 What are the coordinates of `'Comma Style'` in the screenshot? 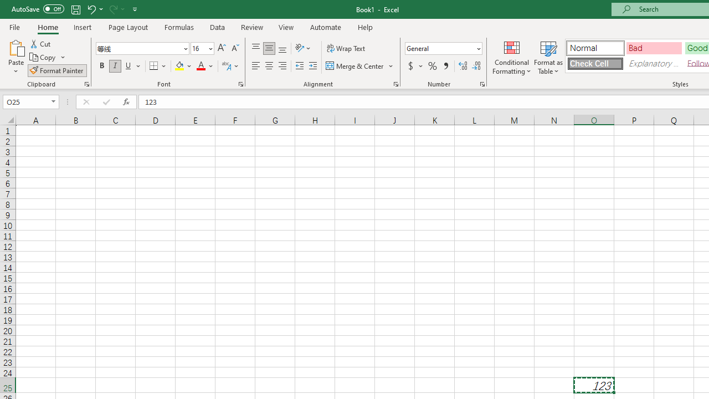 It's located at (446, 66).